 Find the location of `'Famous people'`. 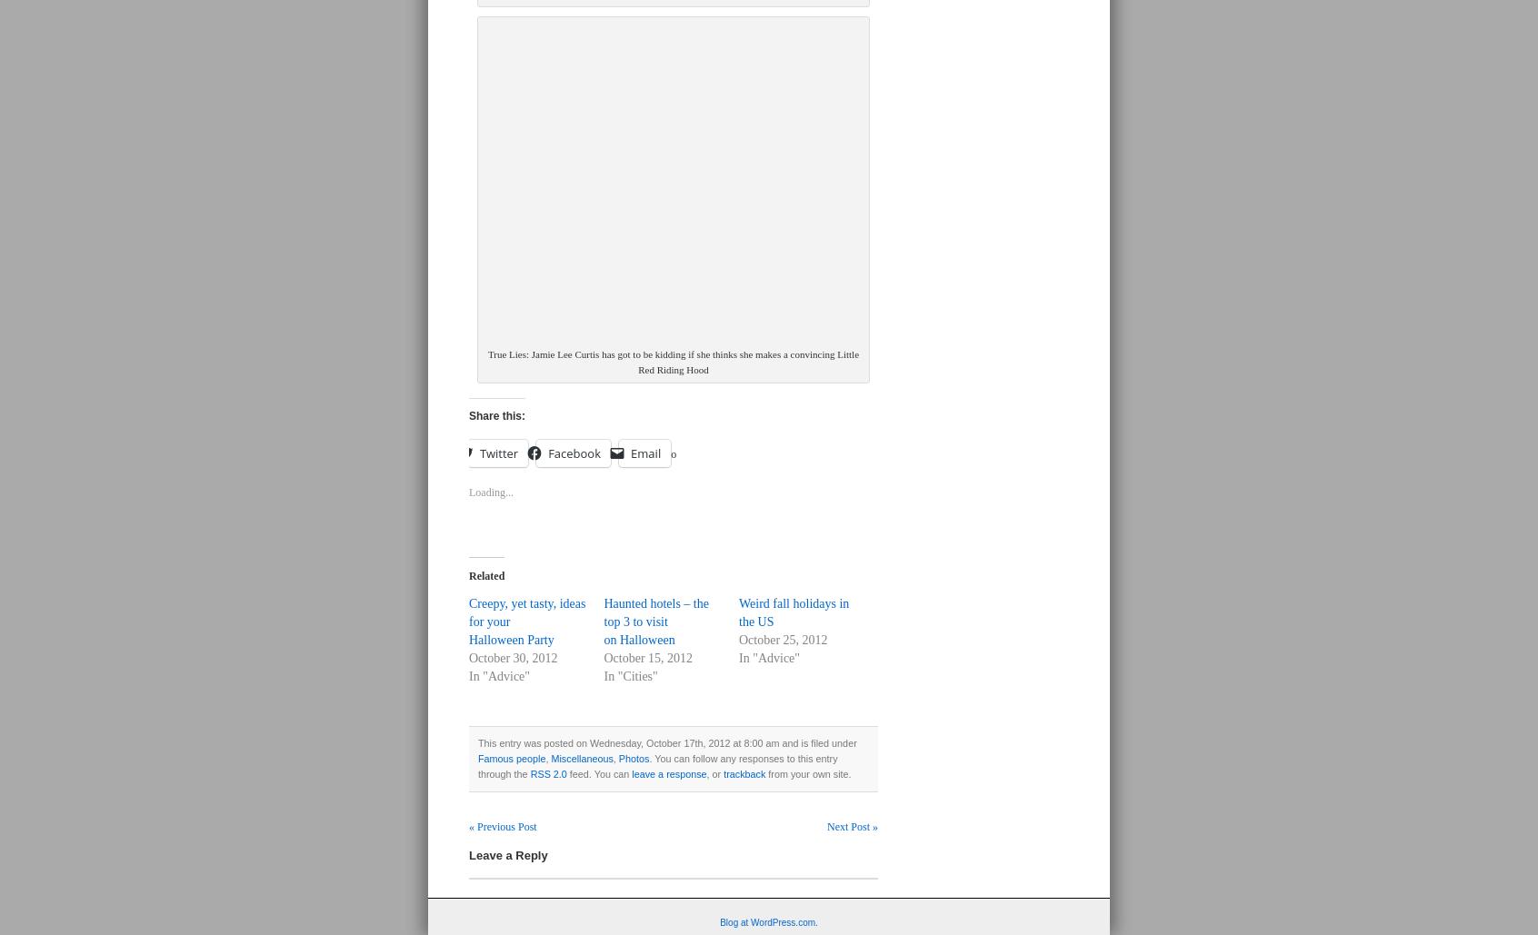

'Famous people' is located at coordinates (511, 757).